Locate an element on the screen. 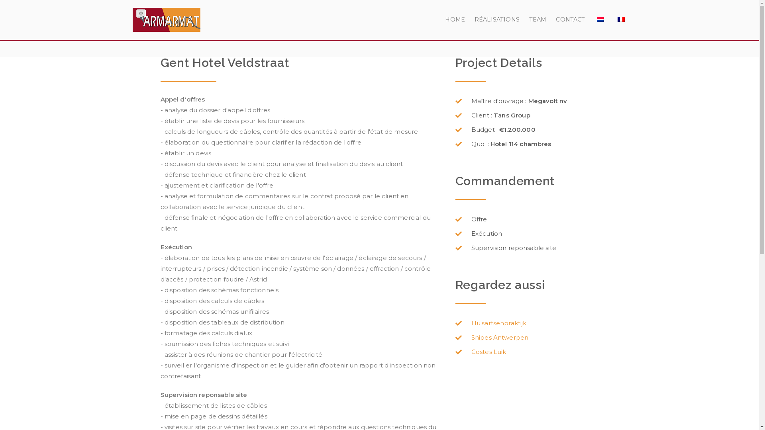 The width and height of the screenshot is (765, 430). 'Snipes Antwerpen' is located at coordinates (455, 338).